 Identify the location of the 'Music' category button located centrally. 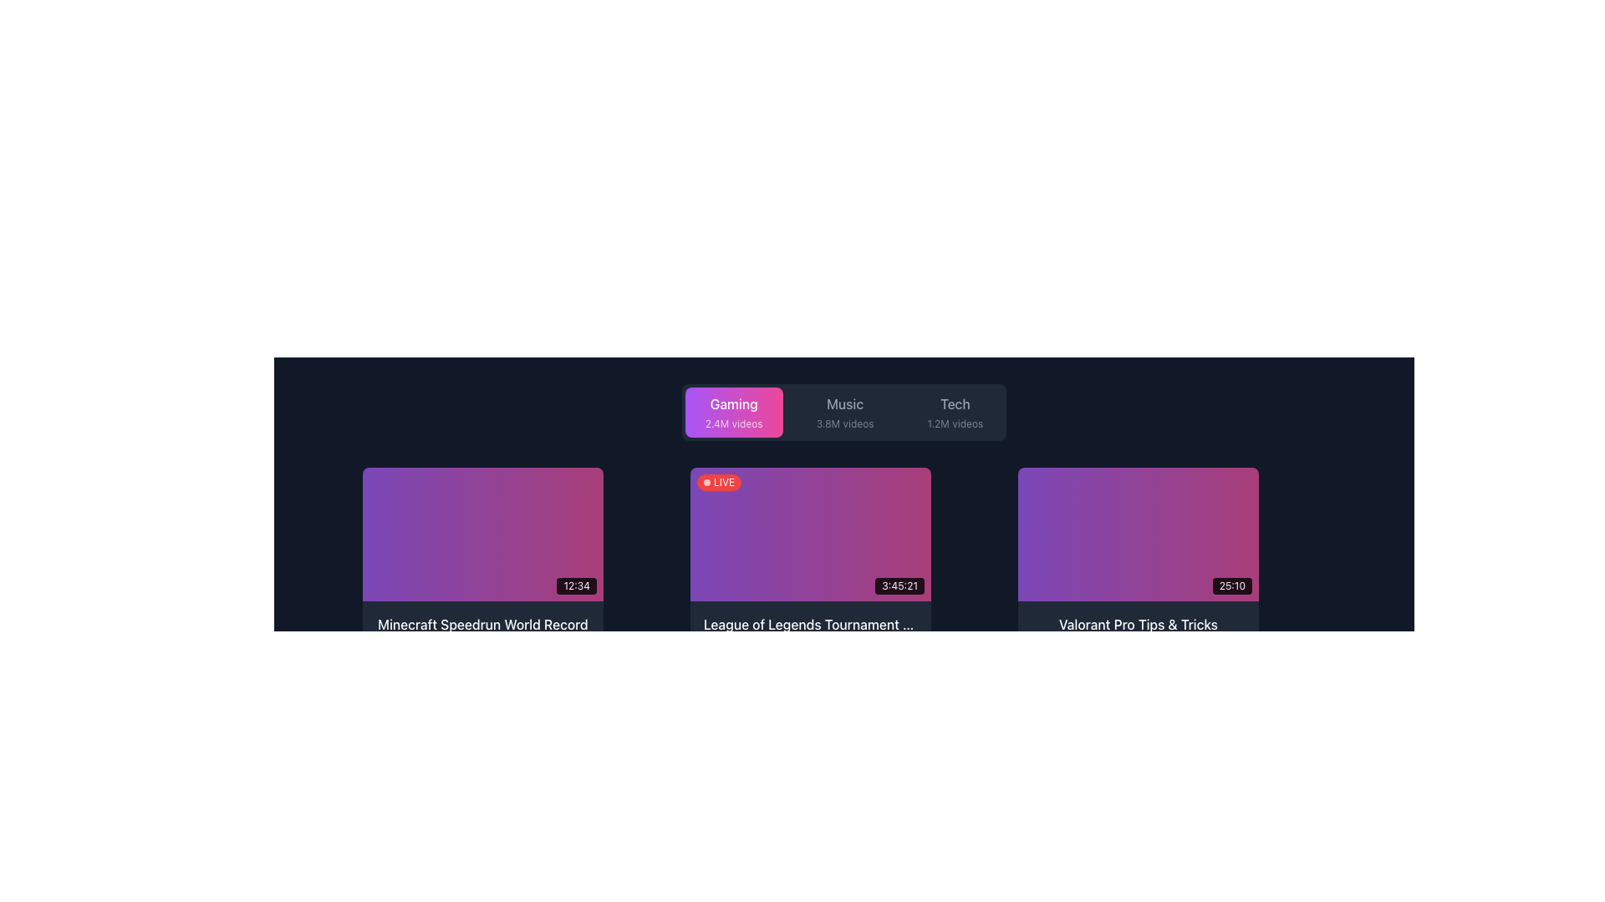
(843, 412).